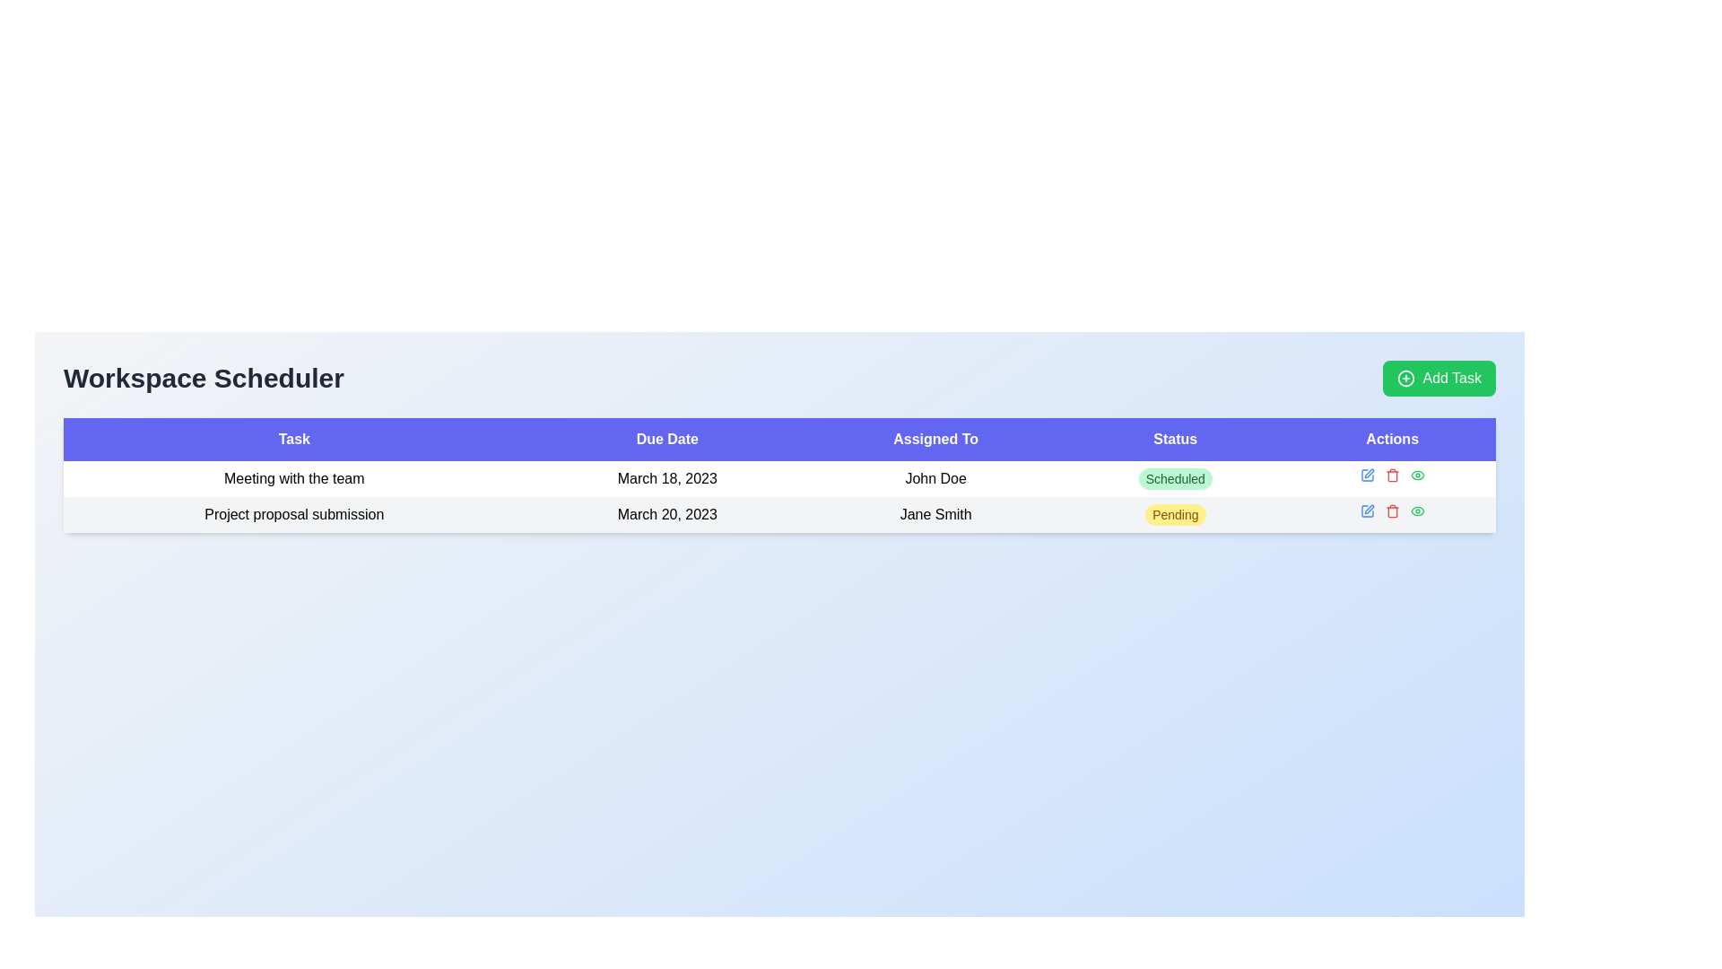 This screenshot has height=969, width=1722. I want to click on the eye icon representing the view functionality in the Actions column of the table for the 'Project proposal submission' task, so click(1416, 474).